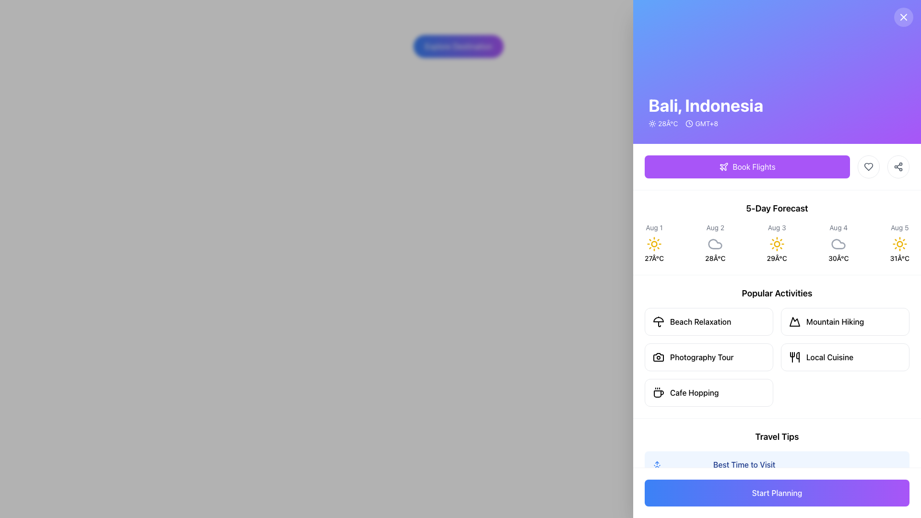 This screenshot has height=518, width=921. What do you see at coordinates (777, 469) in the screenshot?
I see `the Informative panel located in the 'Travel Tips' section at the bottom of the interface, which provides information about the best time to visit the highlighted destination` at bounding box center [777, 469].